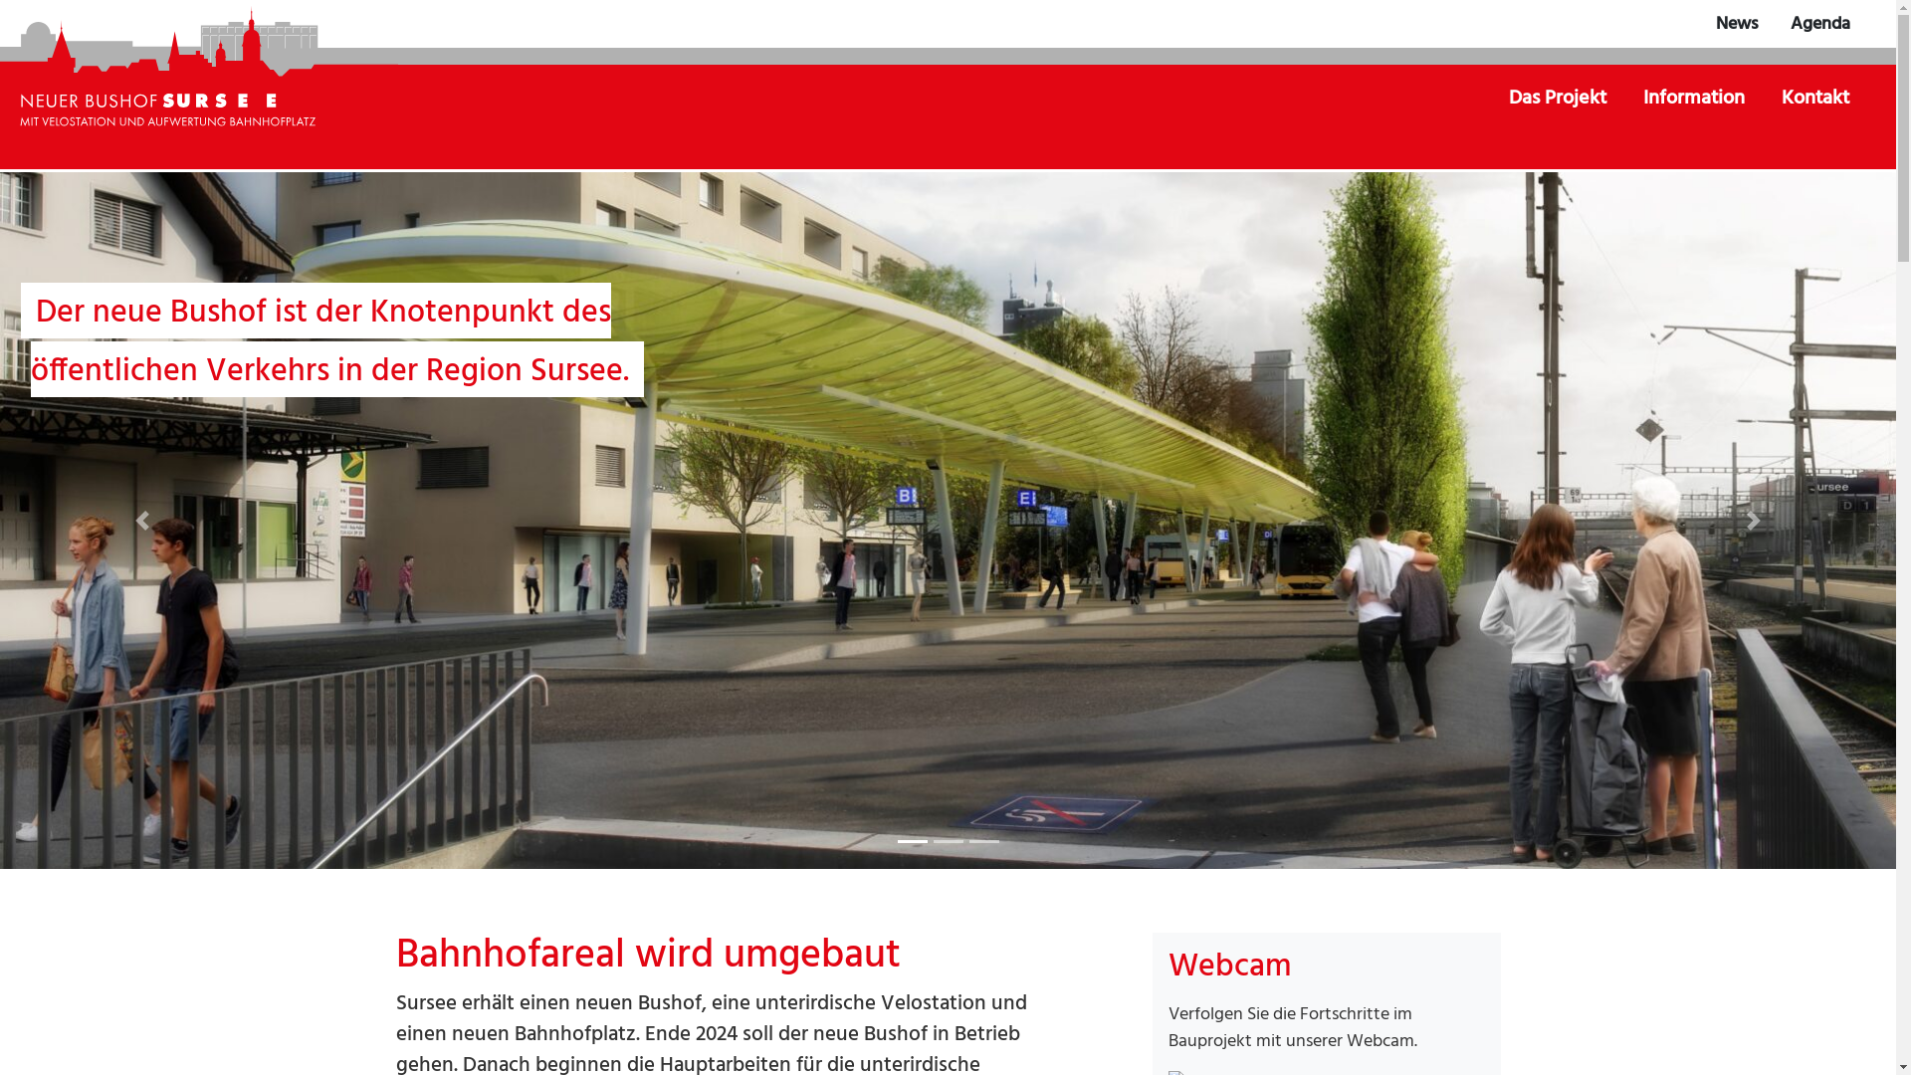 Image resolution: width=1911 pixels, height=1075 pixels. I want to click on 'Information', so click(1694, 99).